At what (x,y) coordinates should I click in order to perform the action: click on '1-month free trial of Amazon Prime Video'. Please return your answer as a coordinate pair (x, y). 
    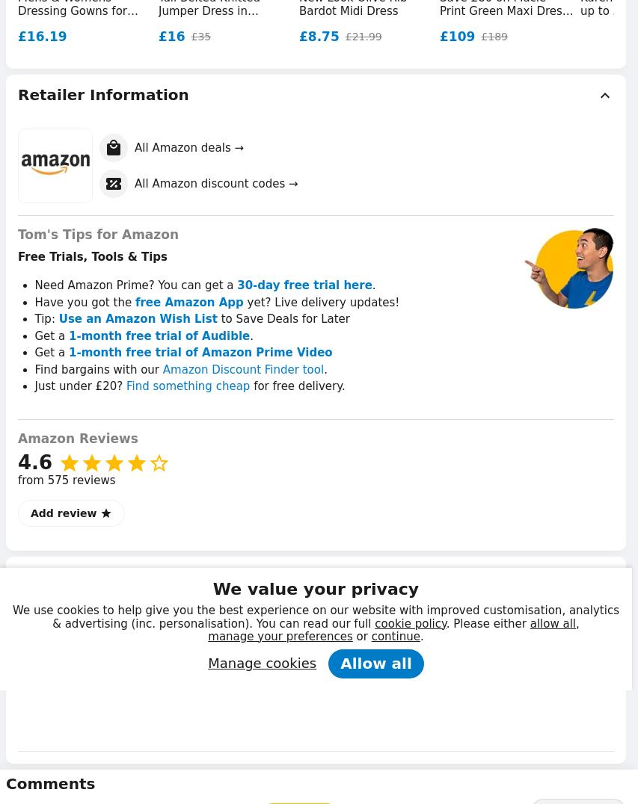
    Looking at the image, I should click on (67, 352).